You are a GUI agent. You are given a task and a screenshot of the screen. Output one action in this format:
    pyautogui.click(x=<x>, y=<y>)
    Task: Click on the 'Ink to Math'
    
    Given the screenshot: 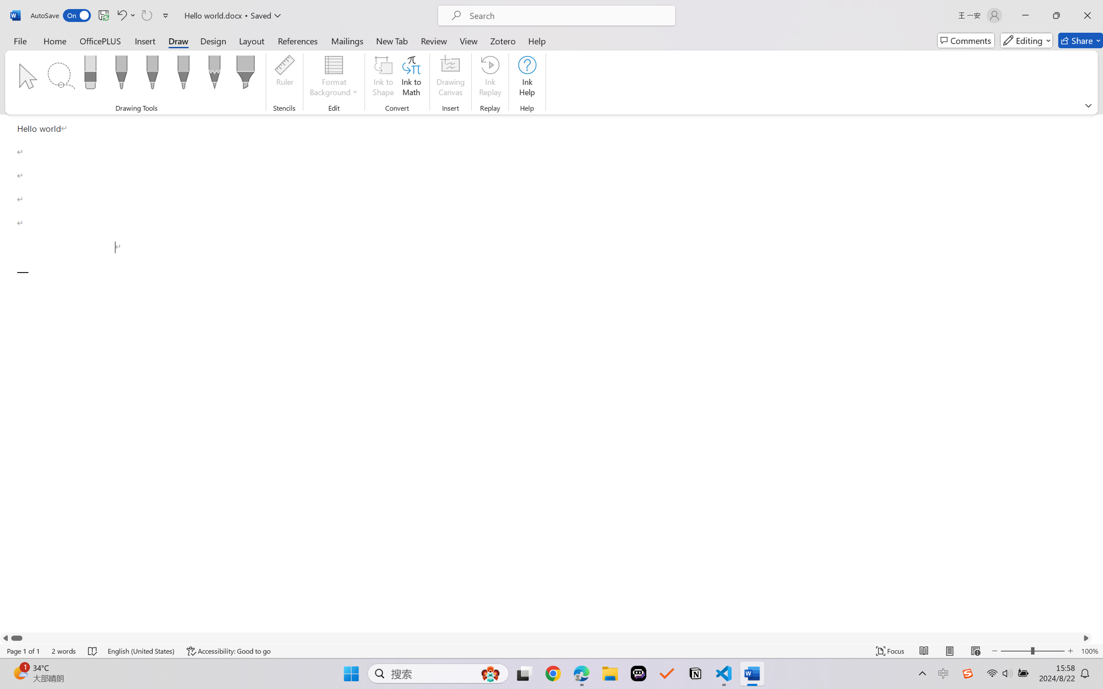 What is the action you would take?
    pyautogui.click(x=411, y=77)
    